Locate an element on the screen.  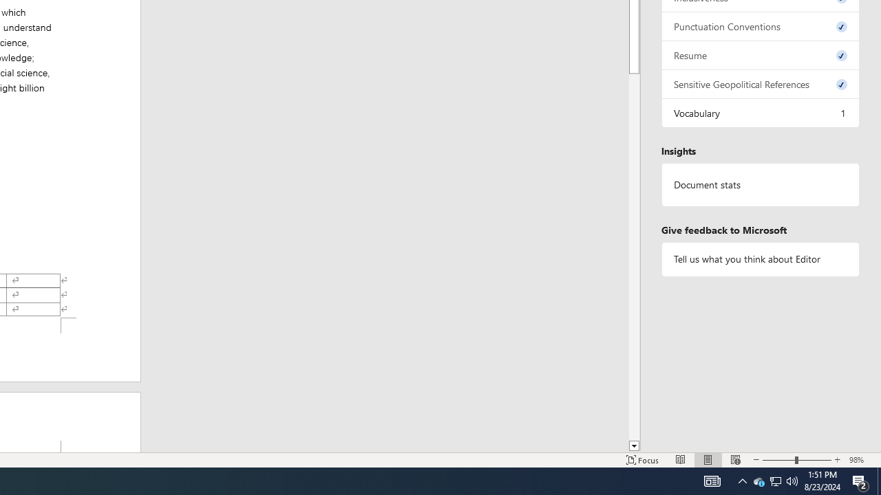
'Line down' is located at coordinates (633, 446).